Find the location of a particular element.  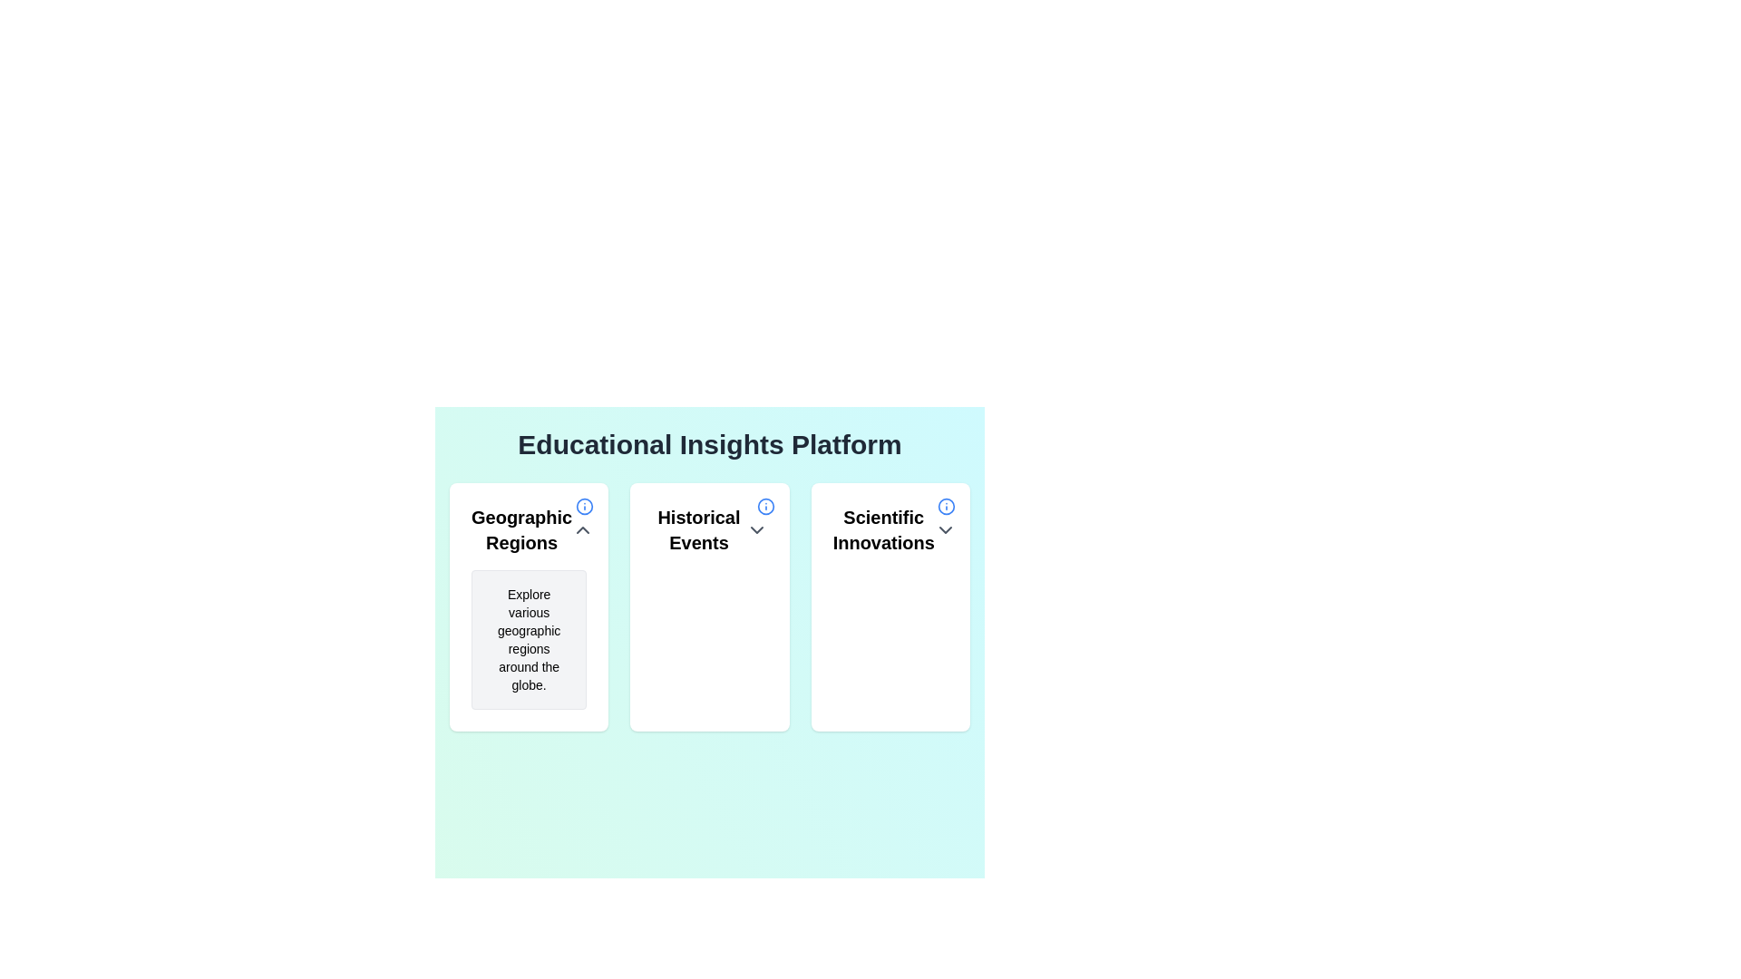

the informational text area with the light gray background that contains the text 'Explore various geographic regions around the globe.' located within the 'Geographic Regions' card is located at coordinates (528, 638).